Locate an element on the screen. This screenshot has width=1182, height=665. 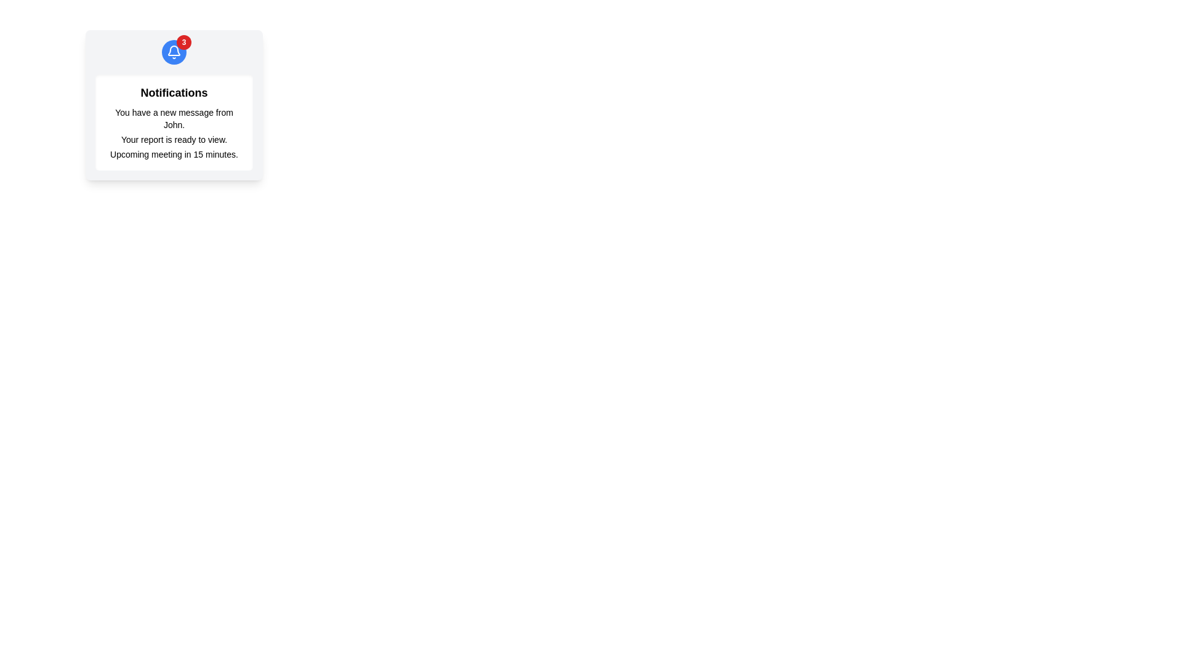
the third text label in the notification card that displays a notification message about an upcoming meeting, which is positioned at the bottom of the list of notifications is located at coordinates (174, 153).